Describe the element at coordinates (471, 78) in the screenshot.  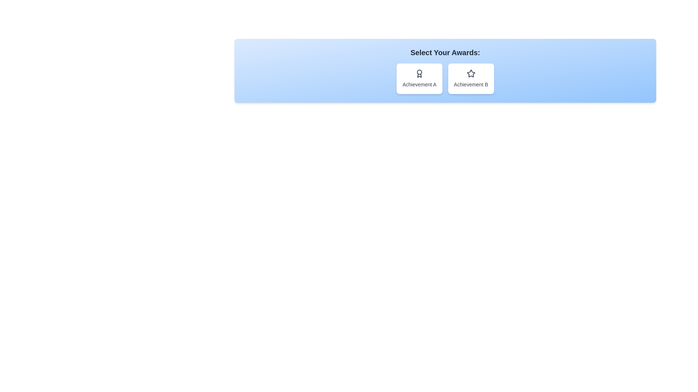
I see `the button labeled 'Achievement B' to toggle its selection` at that location.